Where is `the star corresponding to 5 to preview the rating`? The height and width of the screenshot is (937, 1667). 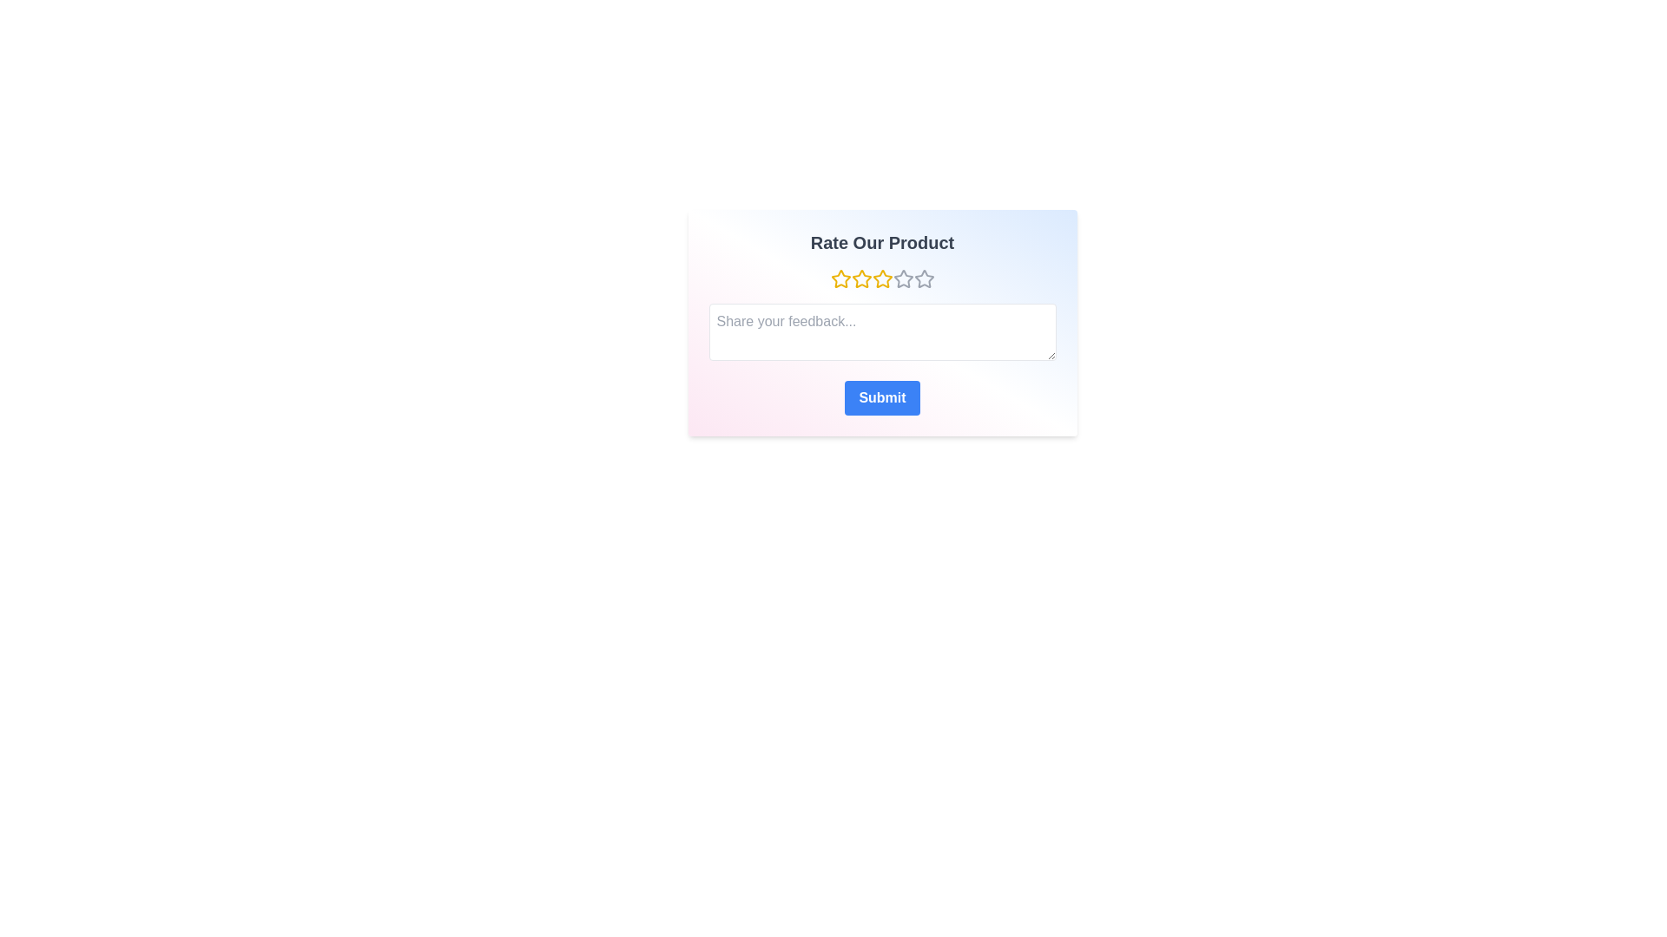
the star corresponding to 5 to preview the rating is located at coordinates (923, 278).